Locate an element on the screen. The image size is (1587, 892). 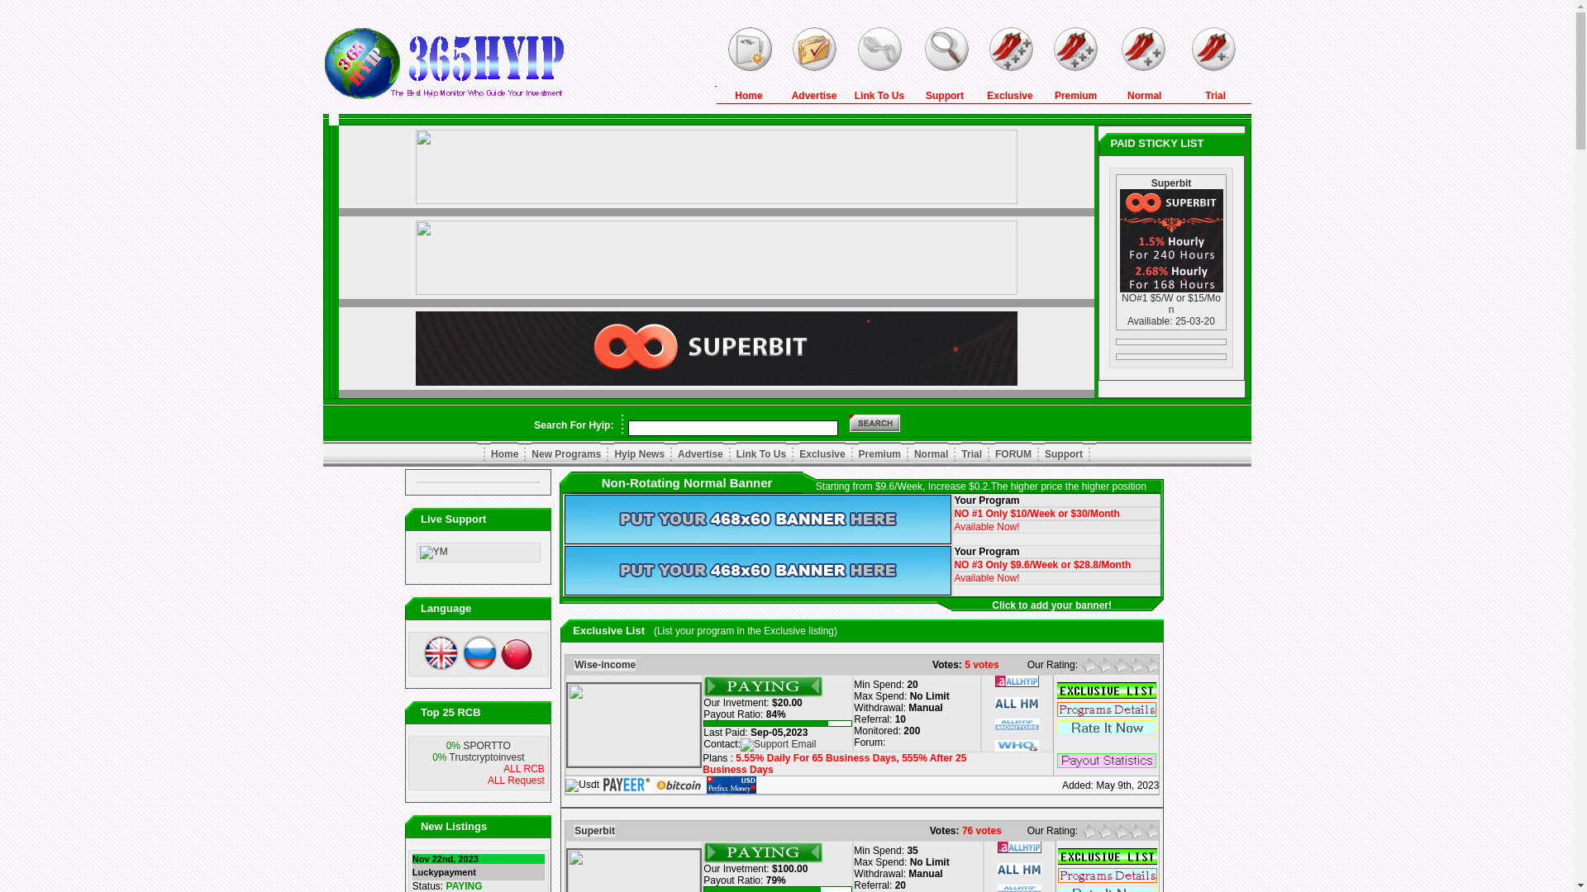
'Wise-income' is located at coordinates (603, 664).